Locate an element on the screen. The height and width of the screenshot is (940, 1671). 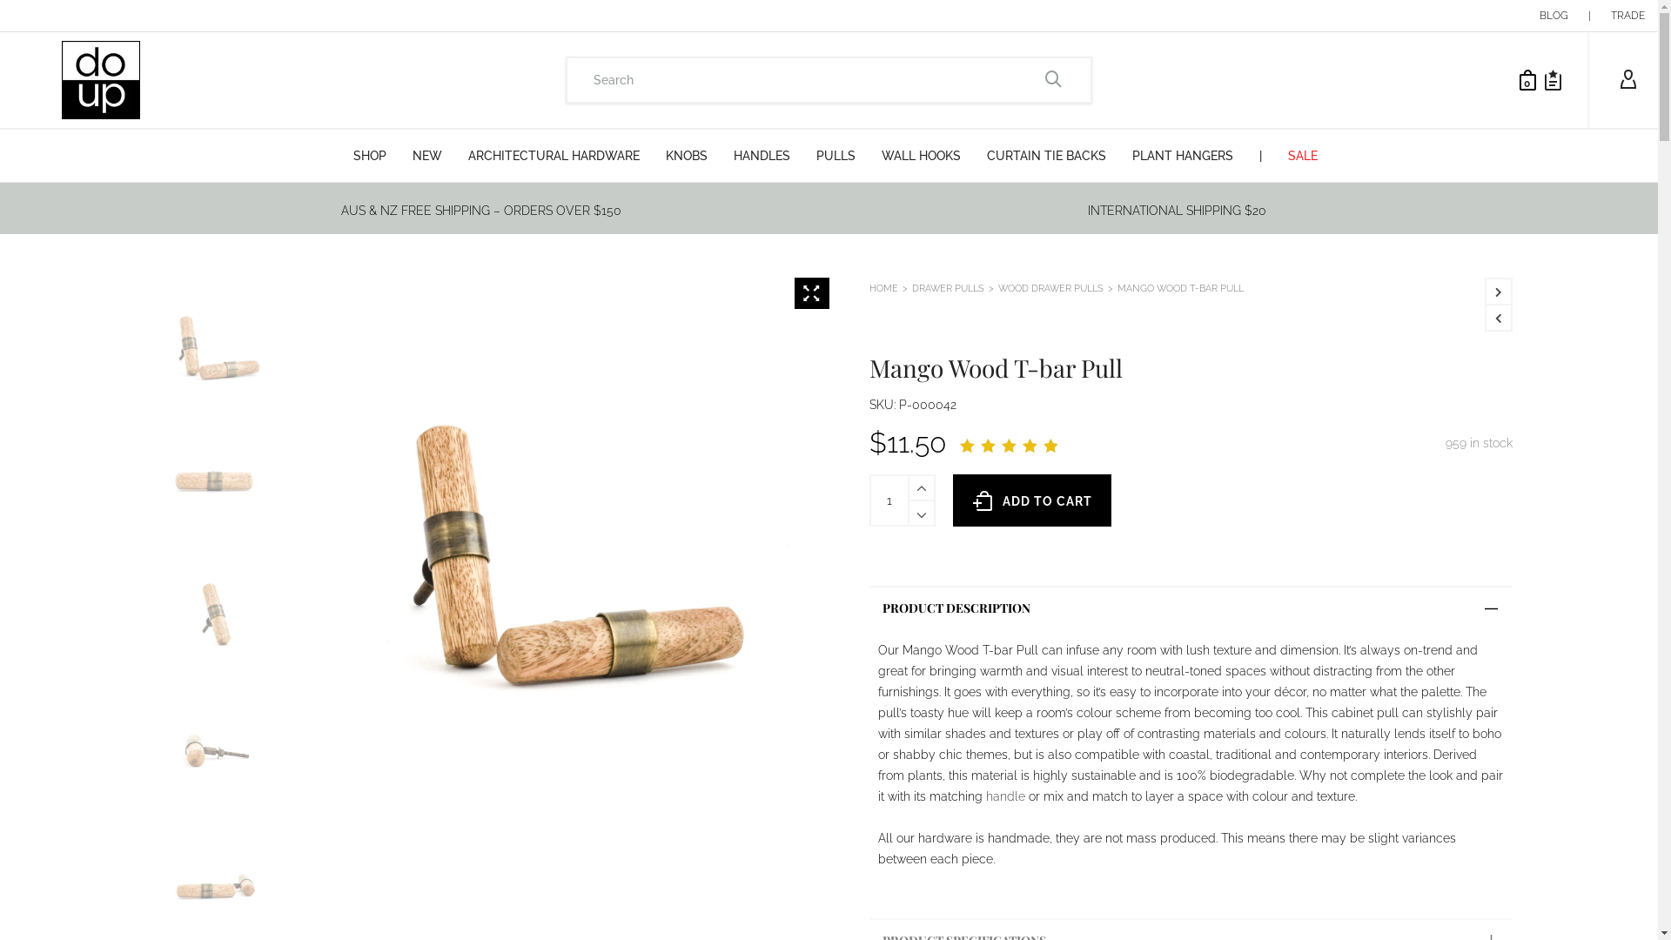
'BLOG' is located at coordinates (1554, 16).